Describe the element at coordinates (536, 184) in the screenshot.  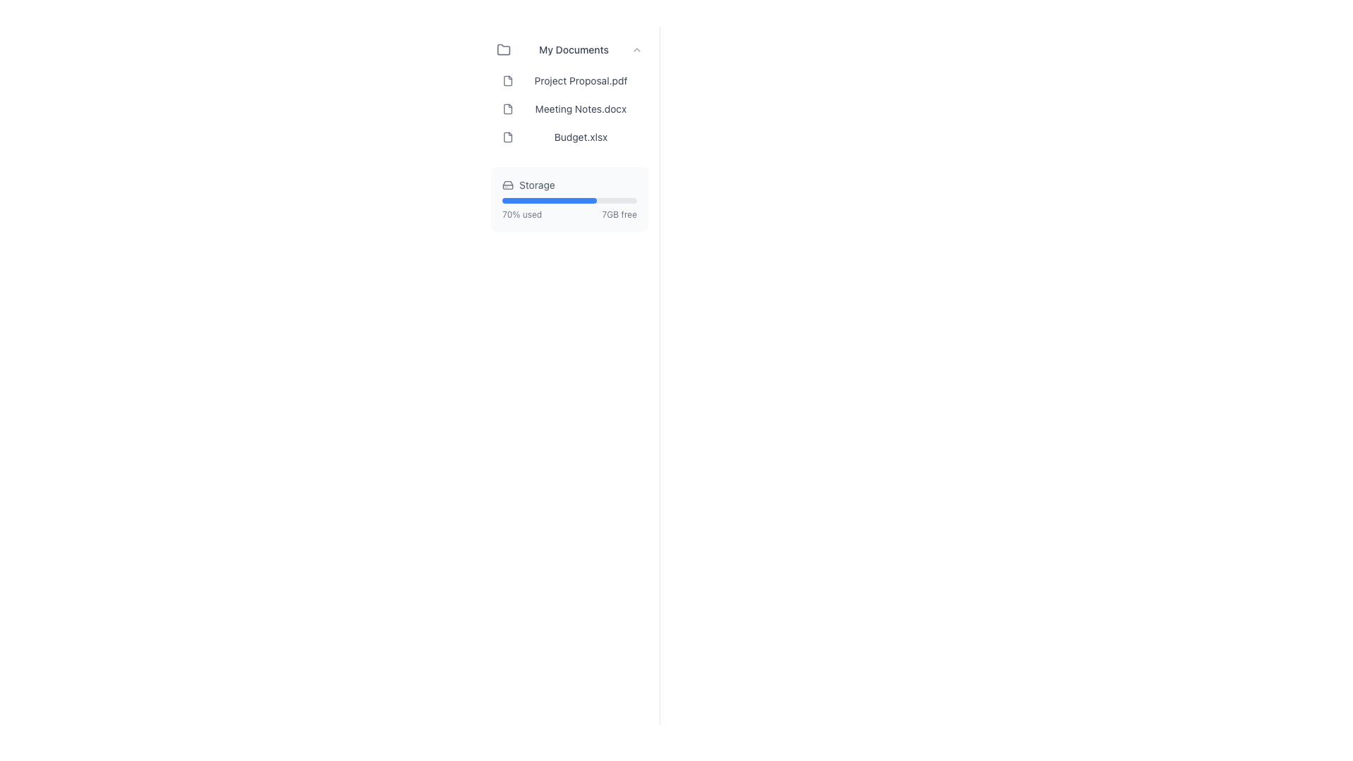
I see `the Text label that indicates storage information, located to the right of the hard drive icon and above the storage usage progress bar` at that location.